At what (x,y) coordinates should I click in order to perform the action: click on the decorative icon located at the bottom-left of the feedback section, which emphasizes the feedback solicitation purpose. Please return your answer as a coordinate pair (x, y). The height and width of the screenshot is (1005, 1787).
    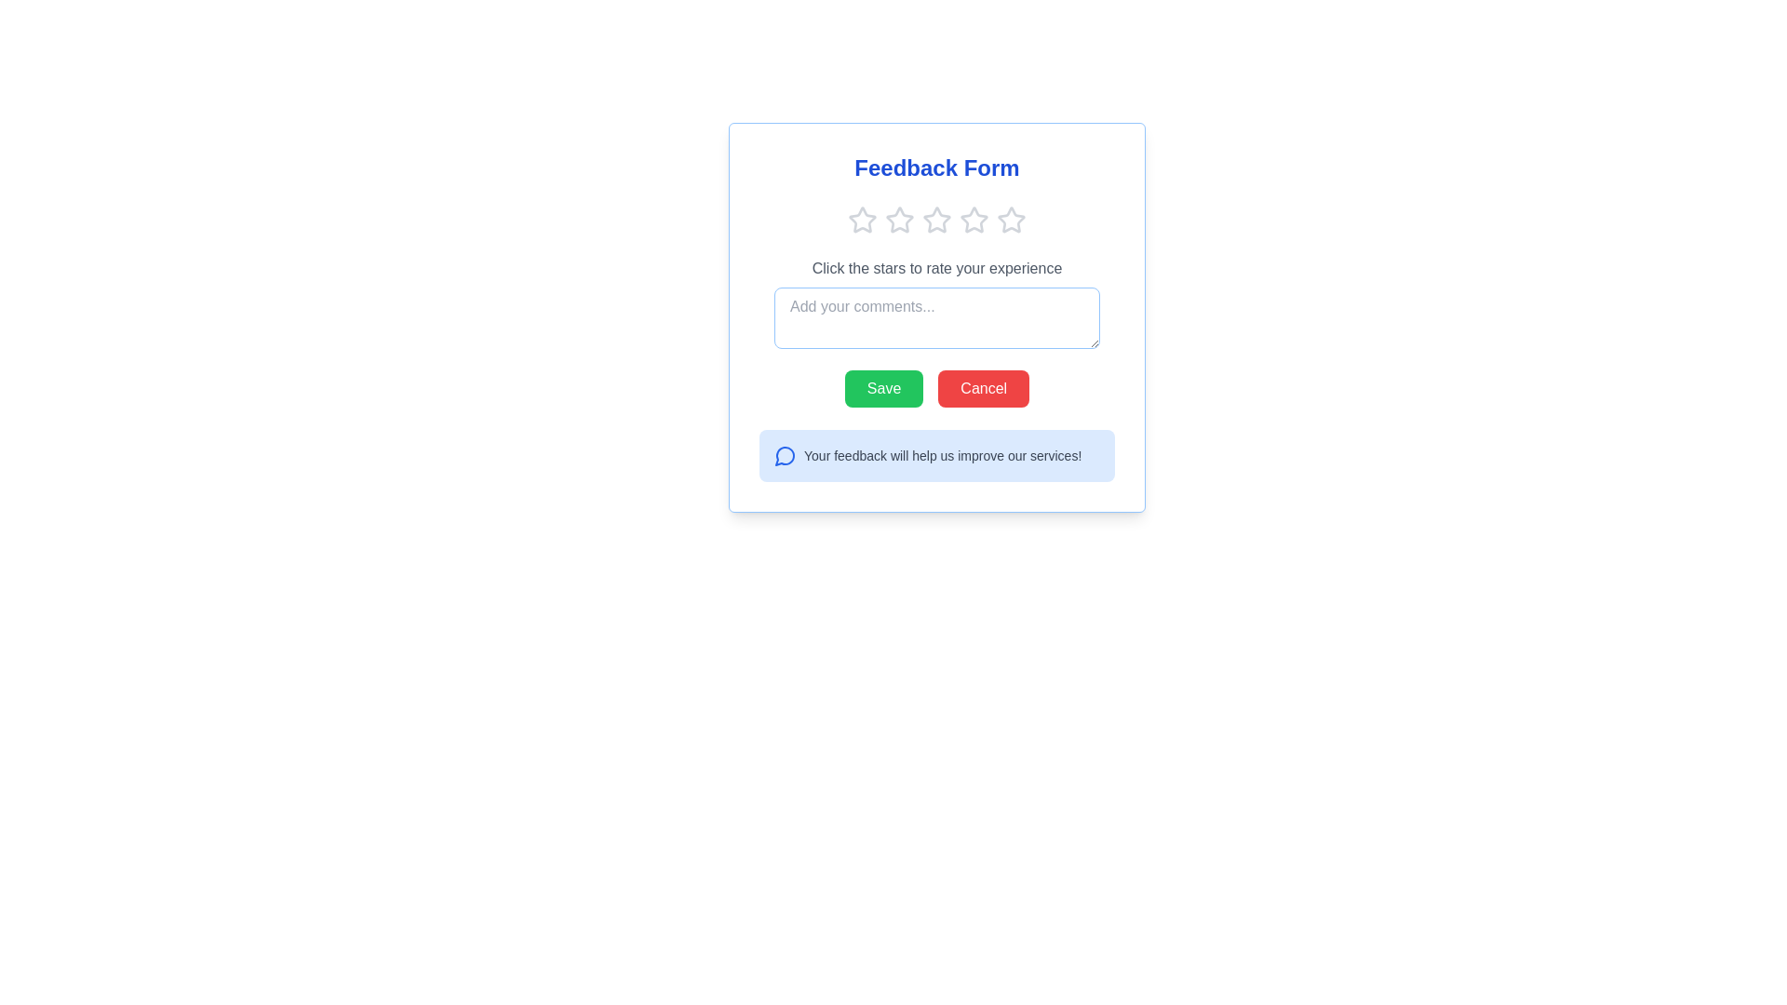
    Looking at the image, I should click on (785, 456).